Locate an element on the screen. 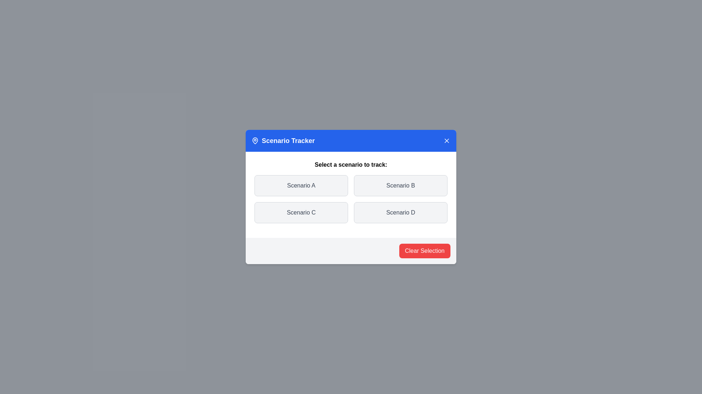  'Clear Selection' button to clear the selected scenario is located at coordinates (424, 250).